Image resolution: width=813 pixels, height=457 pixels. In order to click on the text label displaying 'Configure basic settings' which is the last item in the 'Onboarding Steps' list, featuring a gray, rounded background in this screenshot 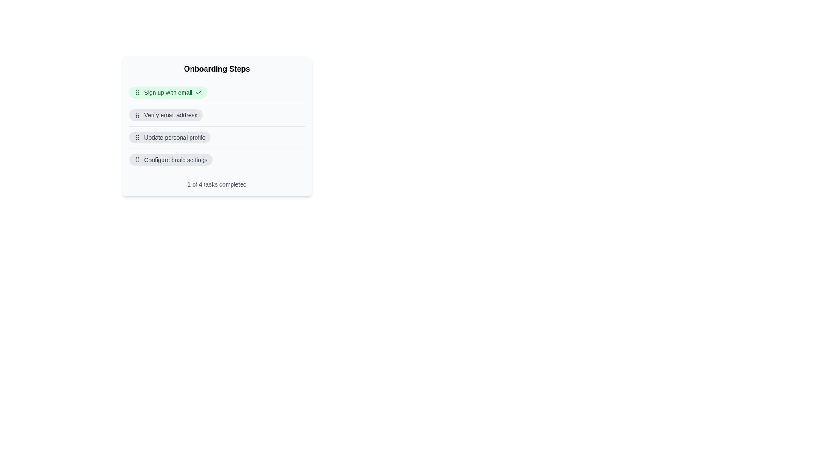, I will do `click(175, 160)`.